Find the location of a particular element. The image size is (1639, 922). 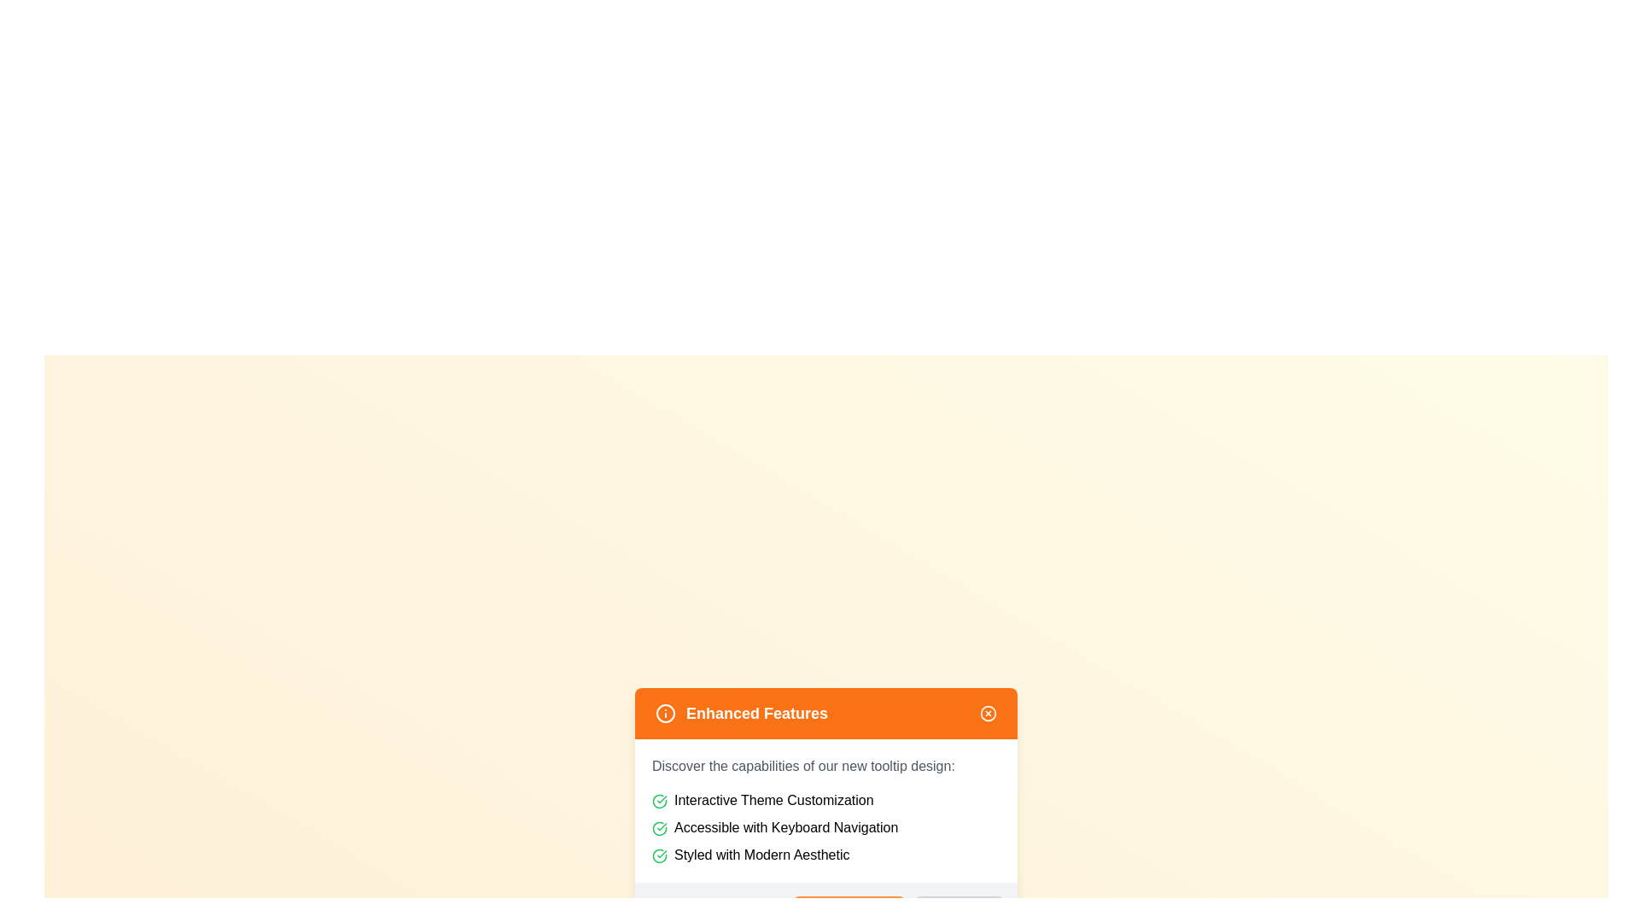

the 'Enhanced Features' text label, which is prominently displayed in large white text on an orange background within the tooltip header is located at coordinates (756, 714).